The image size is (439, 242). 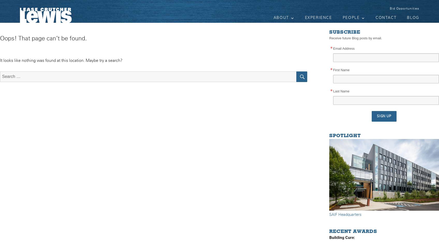 What do you see at coordinates (61, 61) in the screenshot?
I see `'It looks like nothing was found at this location. Maybe try a search?'` at bounding box center [61, 61].